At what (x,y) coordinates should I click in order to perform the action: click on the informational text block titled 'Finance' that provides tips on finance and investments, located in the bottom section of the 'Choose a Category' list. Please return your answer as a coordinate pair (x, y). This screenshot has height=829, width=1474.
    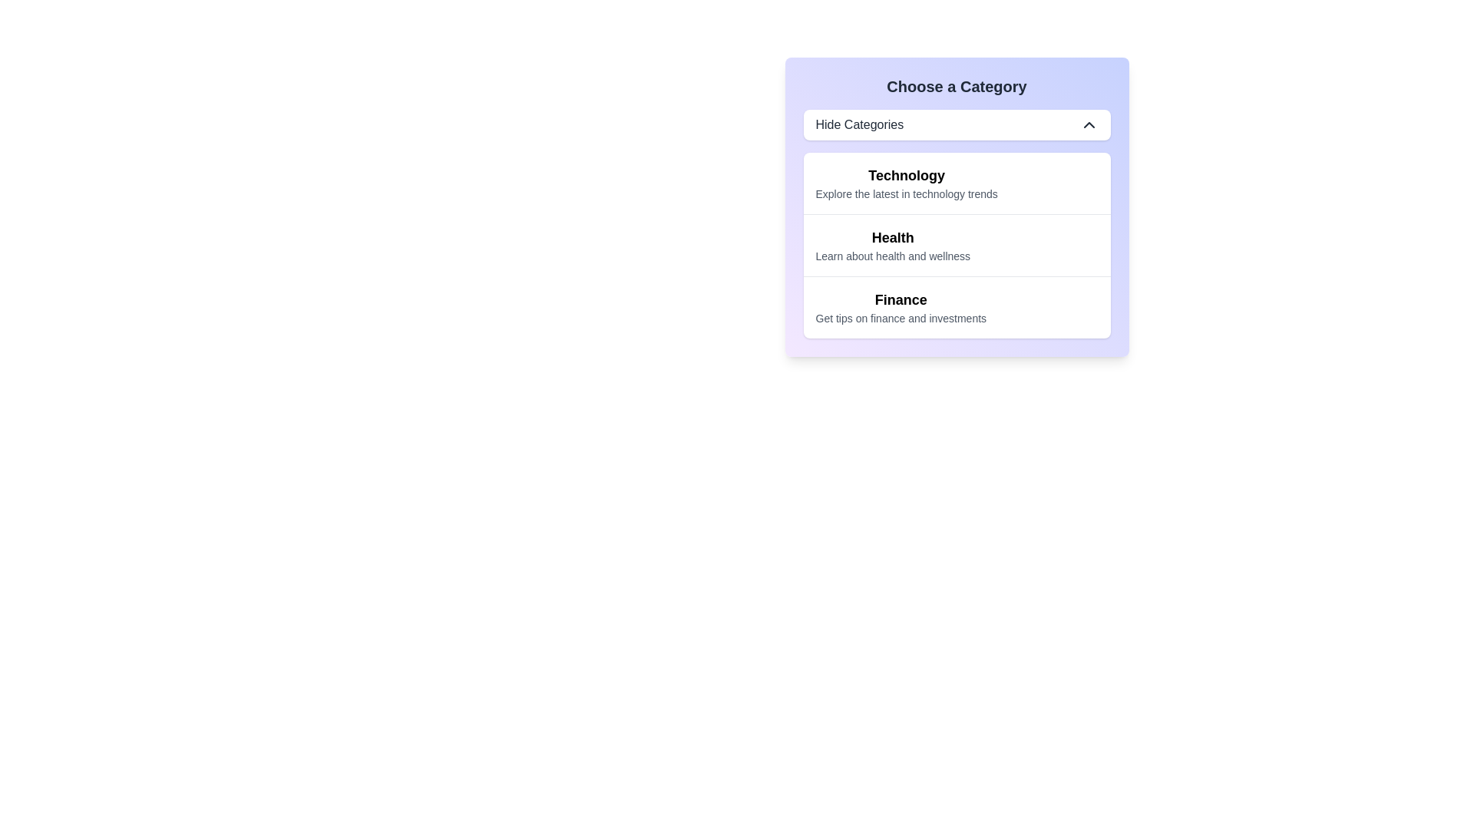
    Looking at the image, I should click on (901, 308).